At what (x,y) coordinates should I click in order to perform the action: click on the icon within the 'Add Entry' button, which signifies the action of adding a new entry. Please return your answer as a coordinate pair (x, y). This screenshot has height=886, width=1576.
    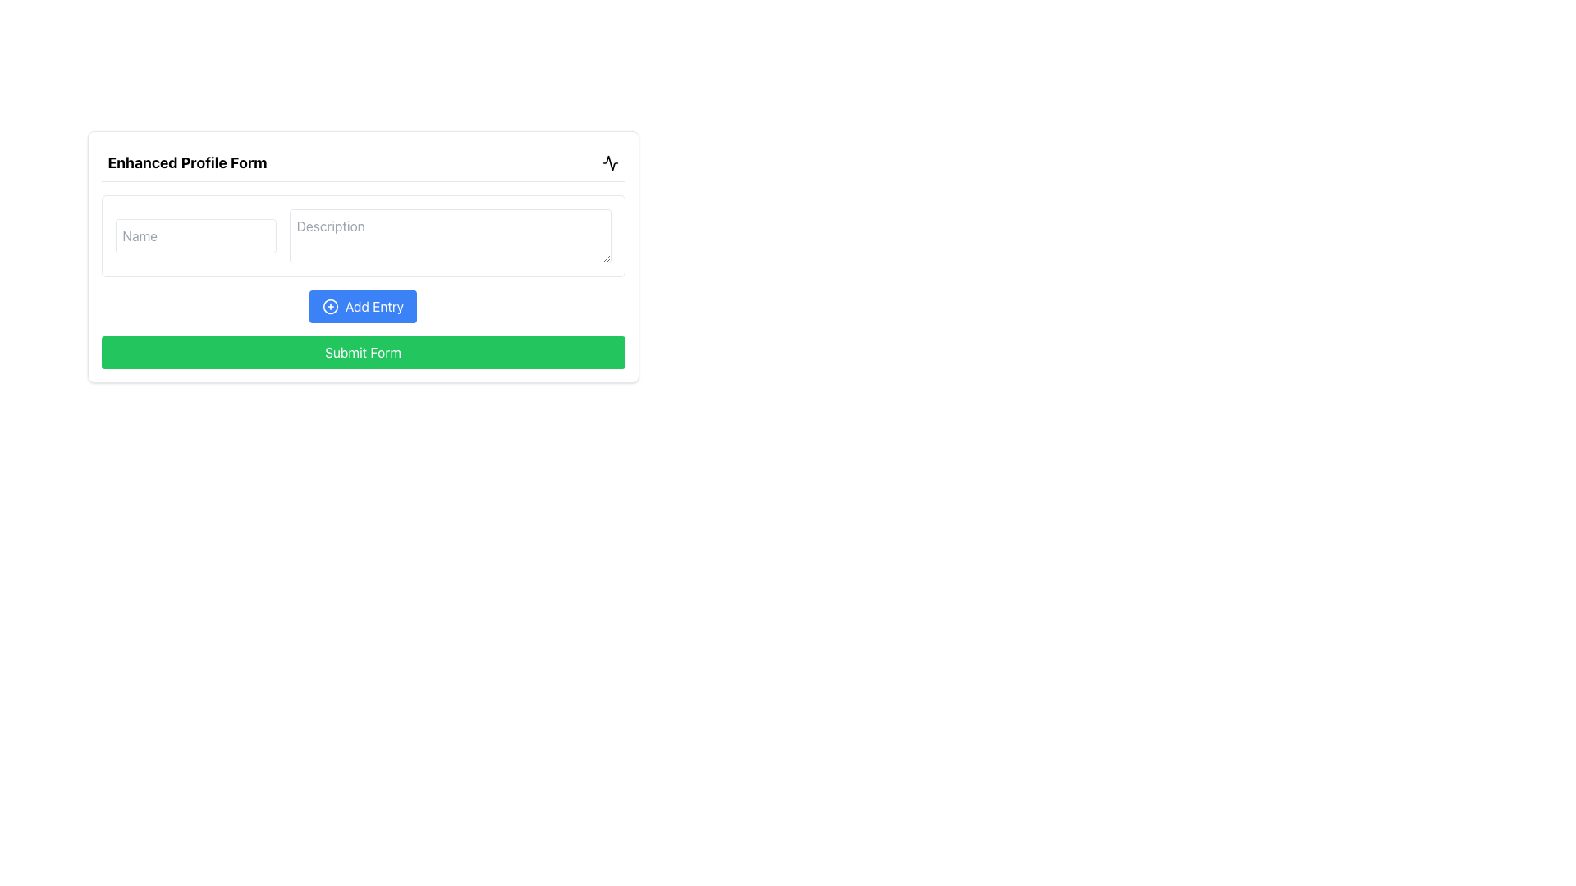
    Looking at the image, I should click on (329, 307).